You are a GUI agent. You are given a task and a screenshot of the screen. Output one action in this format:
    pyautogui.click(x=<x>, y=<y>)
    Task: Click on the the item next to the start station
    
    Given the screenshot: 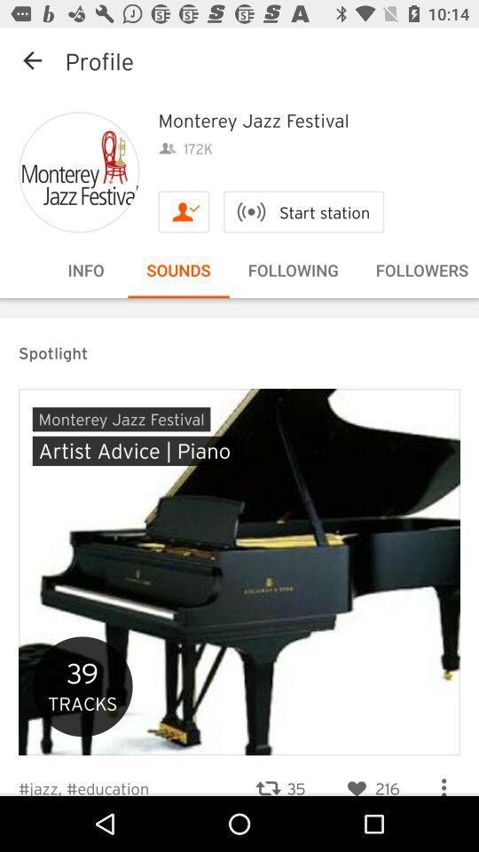 What is the action you would take?
    pyautogui.click(x=183, y=211)
    